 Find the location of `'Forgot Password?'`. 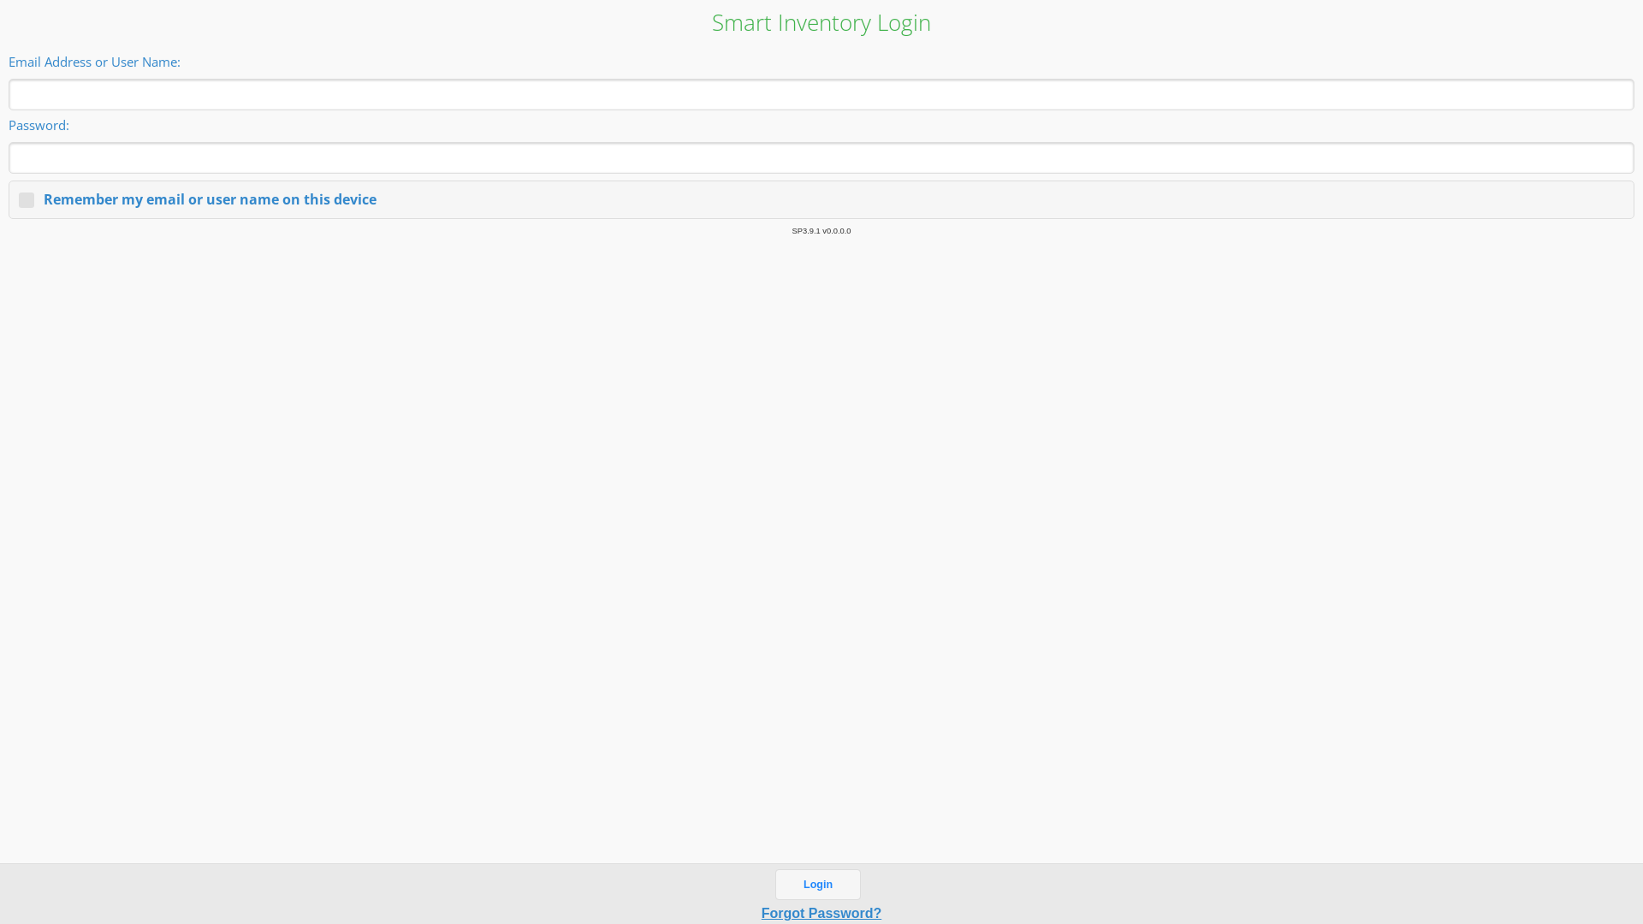

'Forgot Password?' is located at coordinates (821, 912).